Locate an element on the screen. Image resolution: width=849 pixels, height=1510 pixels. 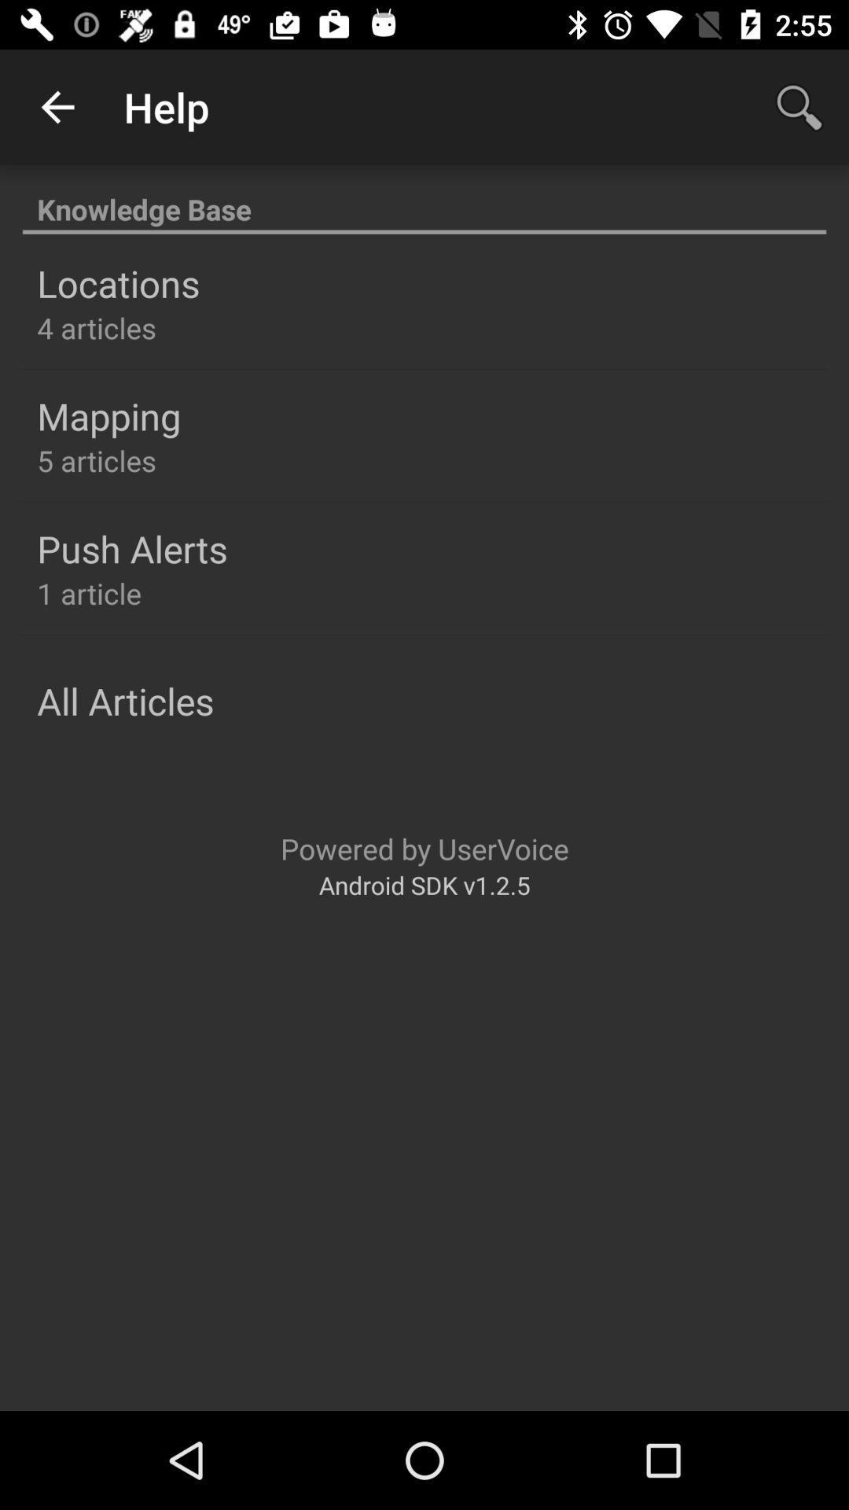
locations icon is located at coordinates (117, 283).